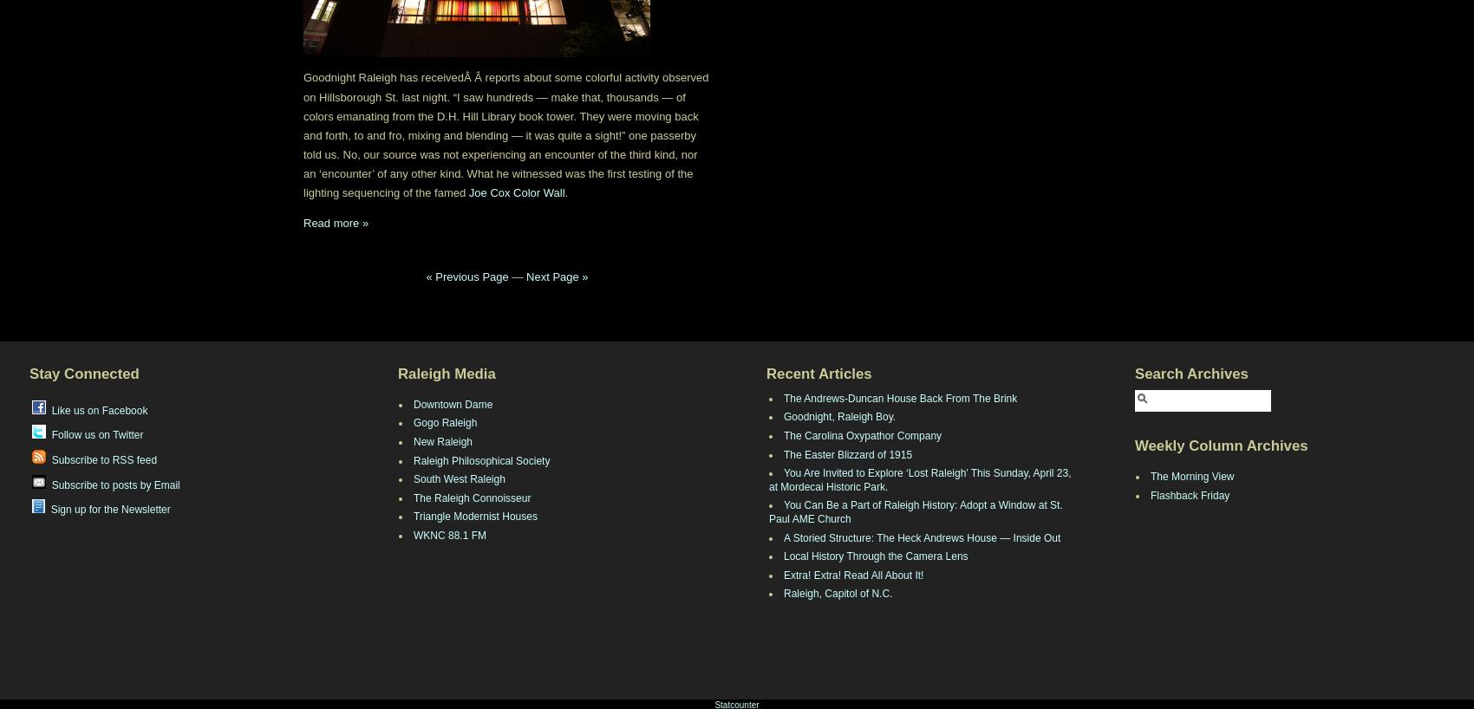 The width and height of the screenshot is (1474, 709). I want to click on 'The Easter Blizzard of 1915', so click(847, 454).